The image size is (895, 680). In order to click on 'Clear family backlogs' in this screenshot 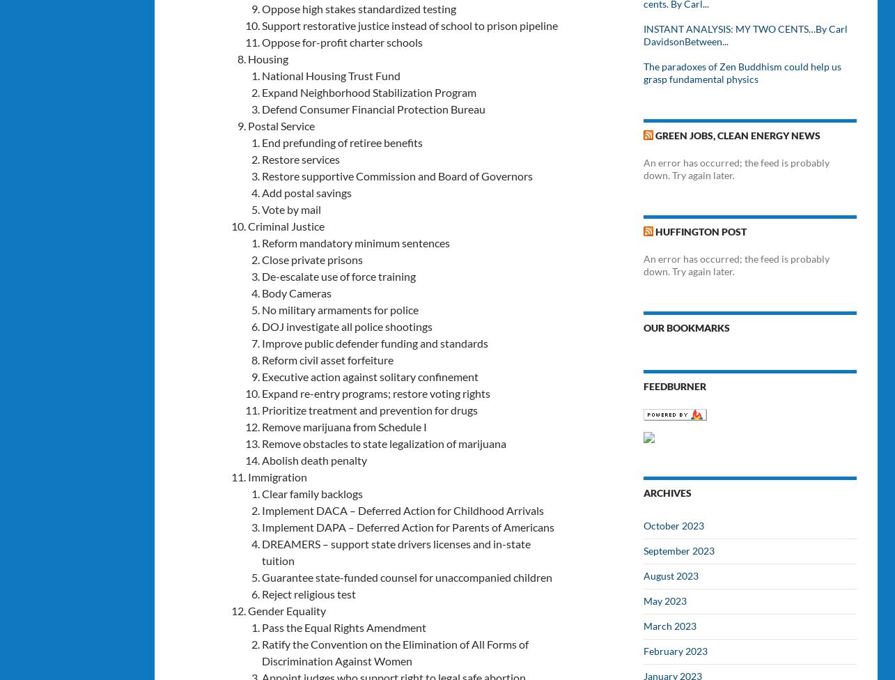, I will do `click(312, 492)`.